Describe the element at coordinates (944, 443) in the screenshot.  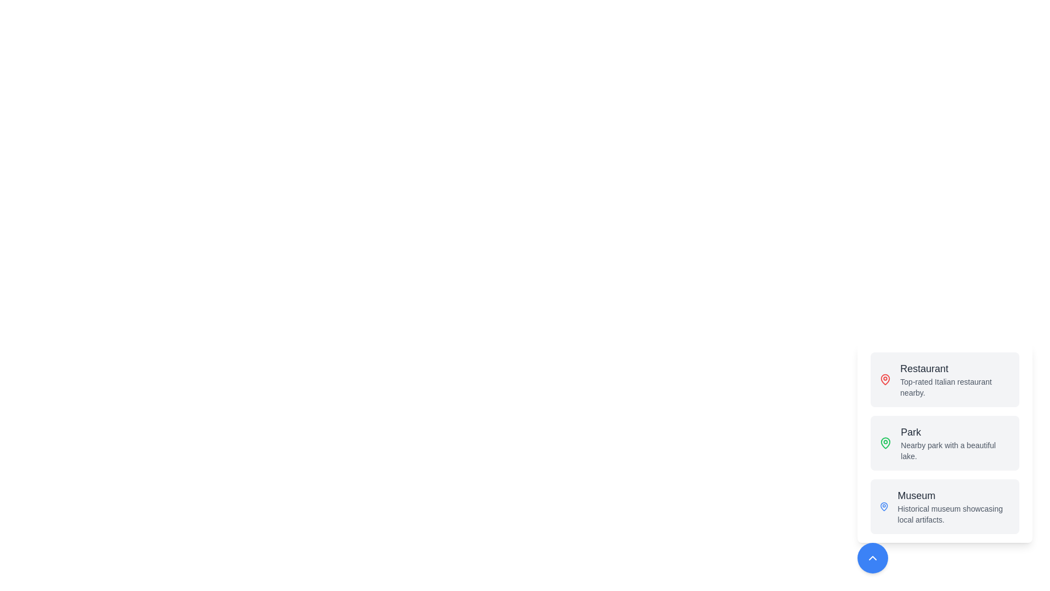
I see `the location button to trigger its action. The location can be specified as Park` at that location.